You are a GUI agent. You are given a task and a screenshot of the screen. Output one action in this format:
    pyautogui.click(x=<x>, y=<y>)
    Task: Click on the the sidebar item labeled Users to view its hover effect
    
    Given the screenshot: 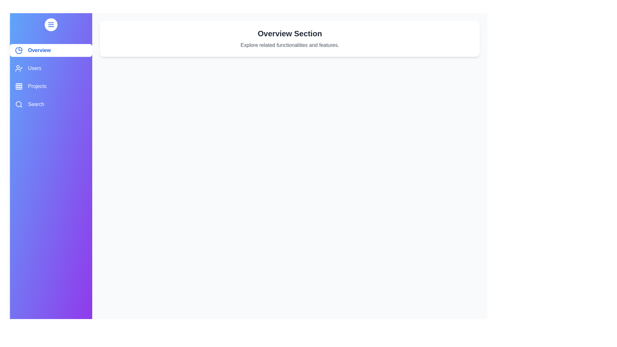 What is the action you would take?
    pyautogui.click(x=50, y=68)
    